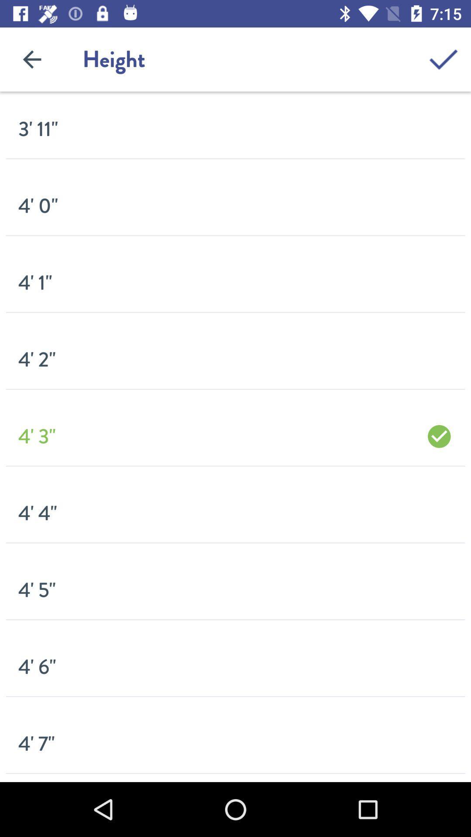 The image size is (471, 837). What do you see at coordinates (31, 59) in the screenshot?
I see `icon above 3' 11"` at bounding box center [31, 59].